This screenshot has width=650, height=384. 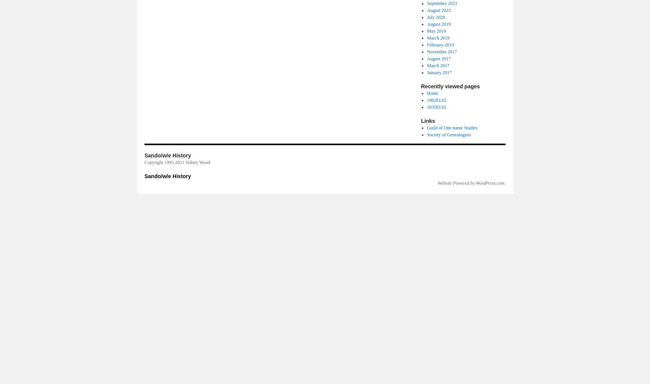 I want to click on '1862EL02', so click(x=426, y=100).